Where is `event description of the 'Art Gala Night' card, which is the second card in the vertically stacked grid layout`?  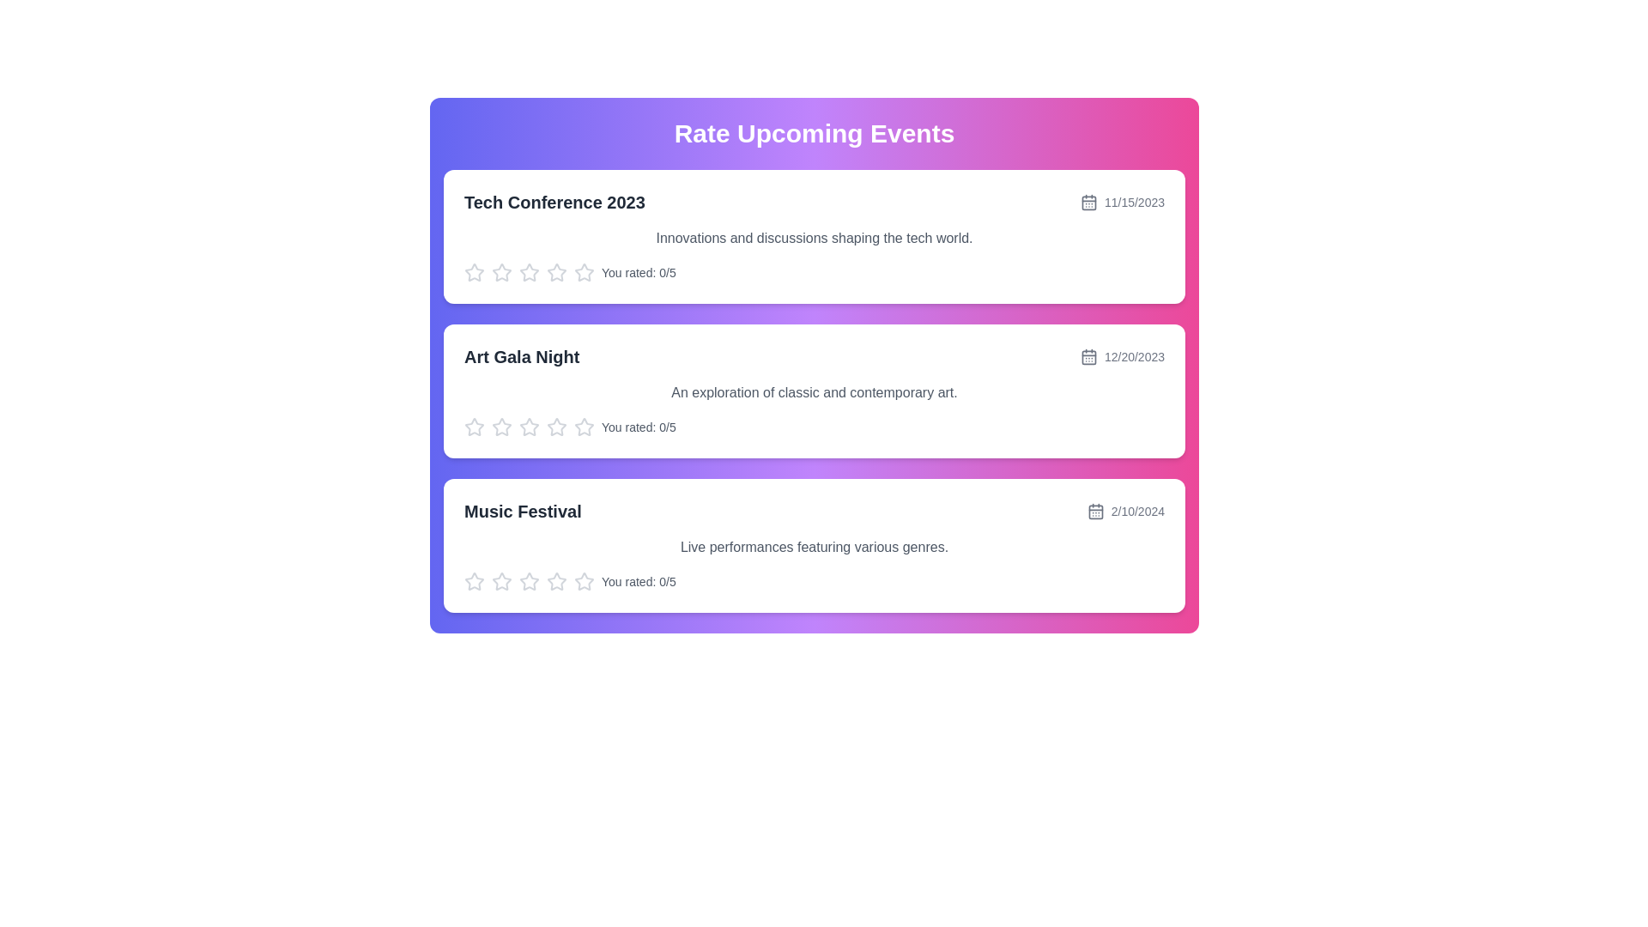
event description of the 'Art Gala Night' card, which is the second card in the vertically stacked grid layout is located at coordinates (814, 391).